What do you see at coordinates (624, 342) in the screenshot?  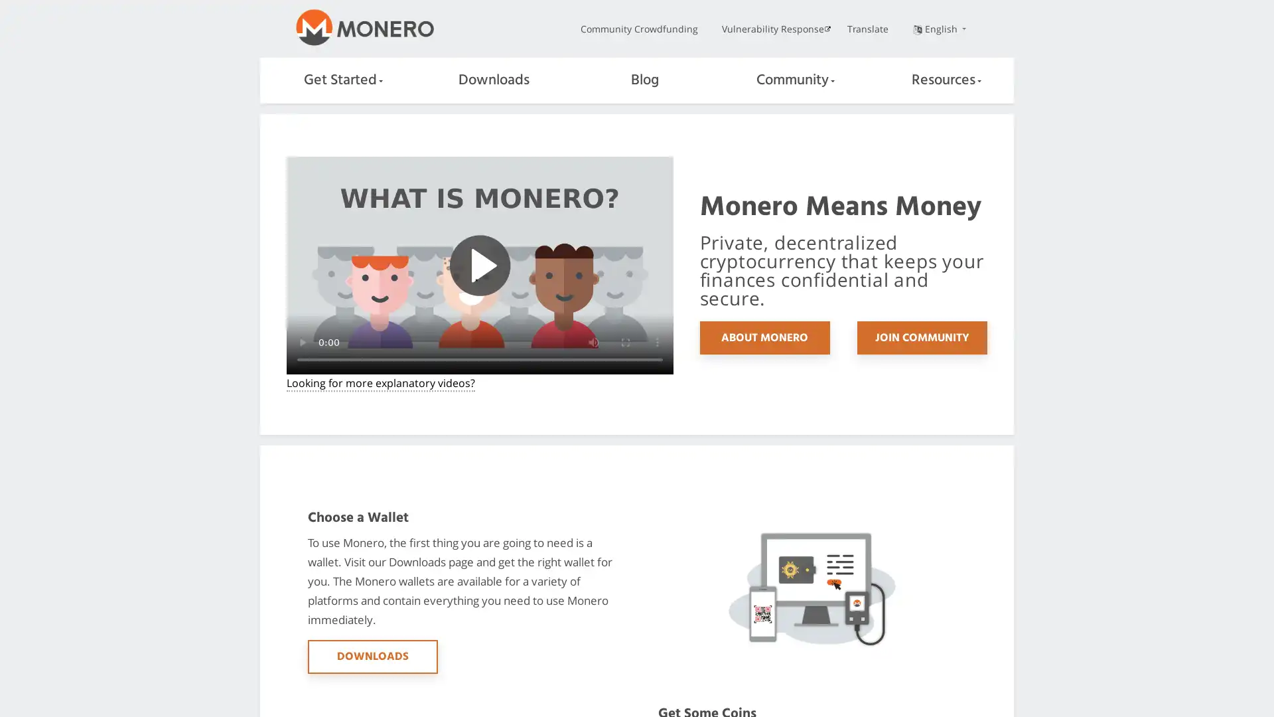 I see `enter full screen` at bounding box center [624, 342].